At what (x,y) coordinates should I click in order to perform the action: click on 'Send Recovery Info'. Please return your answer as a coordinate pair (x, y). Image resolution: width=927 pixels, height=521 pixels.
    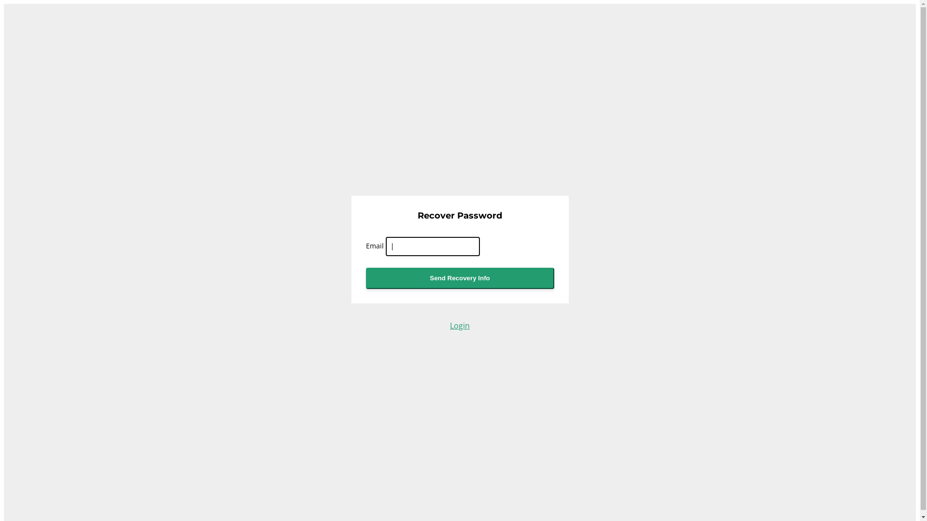
    Looking at the image, I should click on (460, 278).